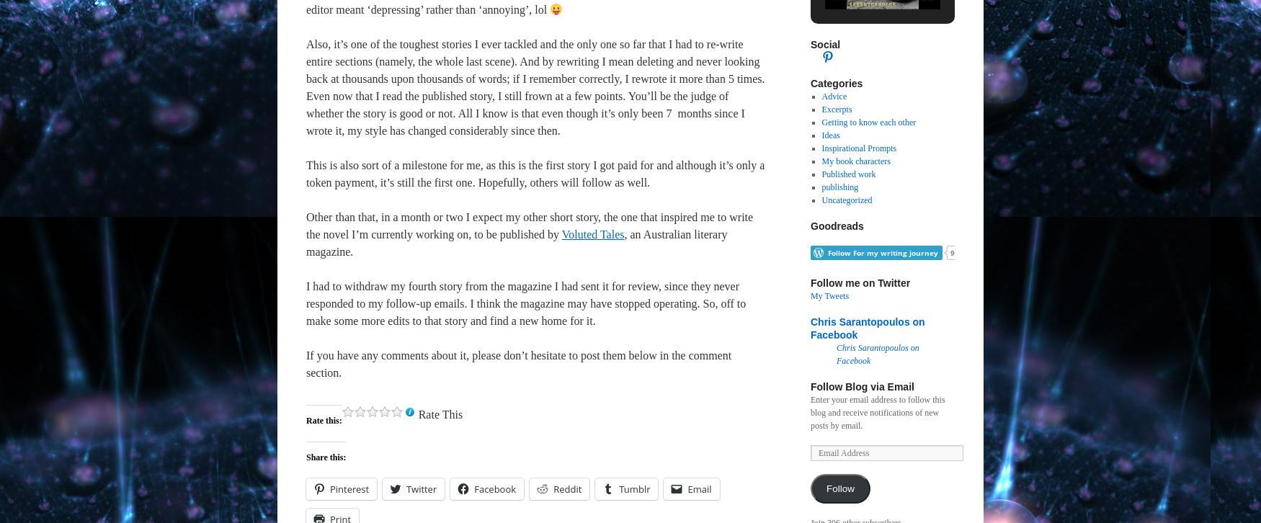  Describe the element at coordinates (820, 109) in the screenshot. I see `'Excerpts'` at that location.